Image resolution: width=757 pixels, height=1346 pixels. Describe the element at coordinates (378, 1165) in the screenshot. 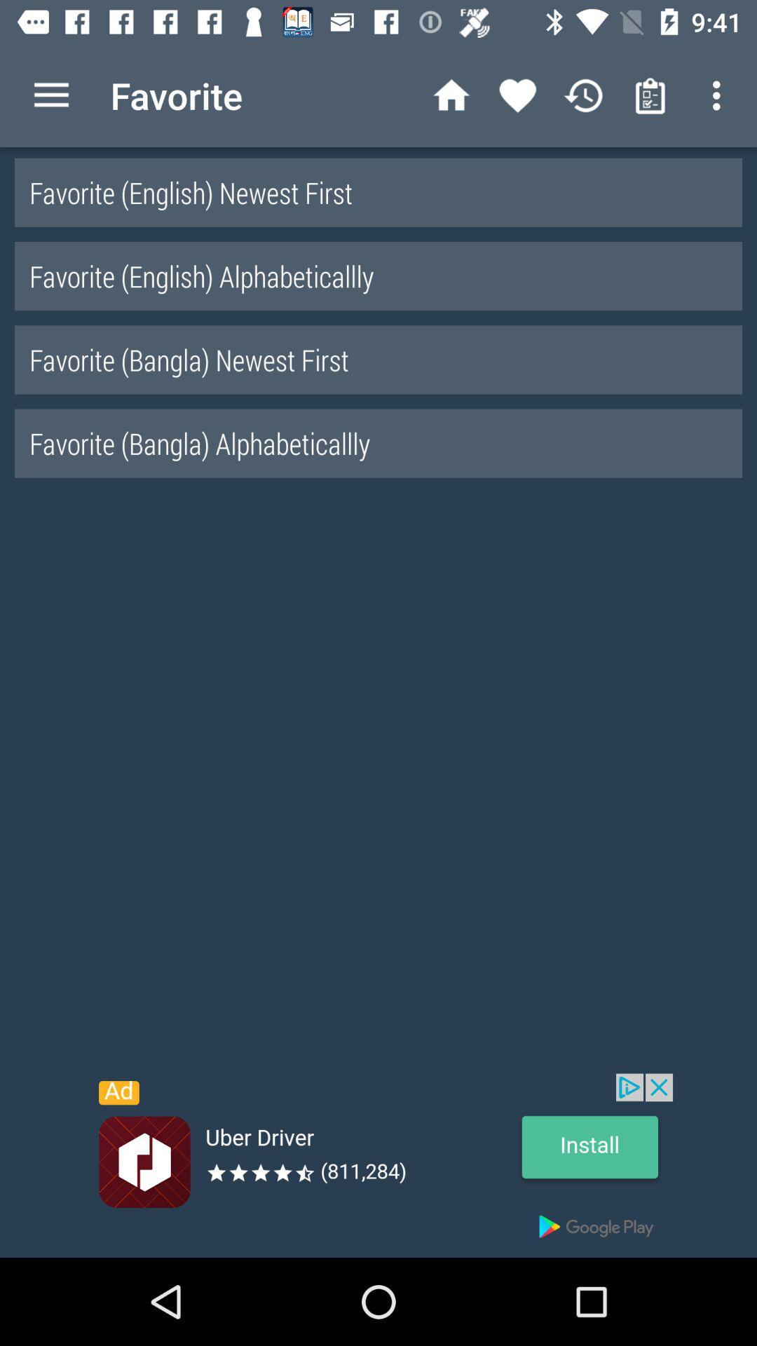

I see `click advertisement` at that location.